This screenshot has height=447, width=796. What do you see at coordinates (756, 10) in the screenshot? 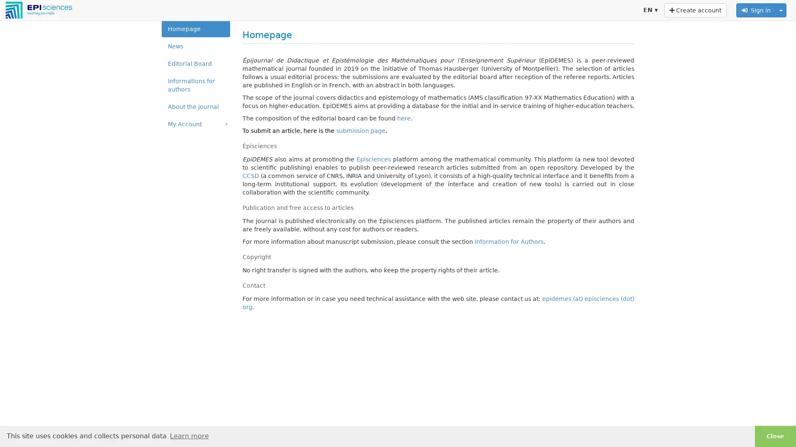
I see `Sign in` at bounding box center [756, 10].